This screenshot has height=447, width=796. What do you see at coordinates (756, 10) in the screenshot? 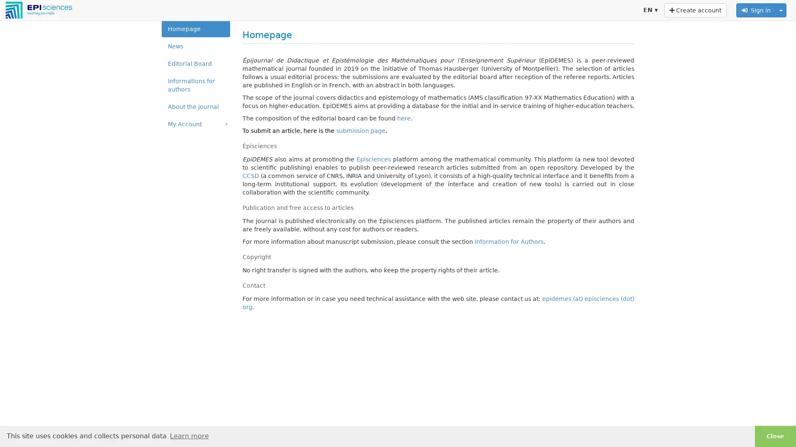
I see `Sign in` at bounding box center [756, 10].